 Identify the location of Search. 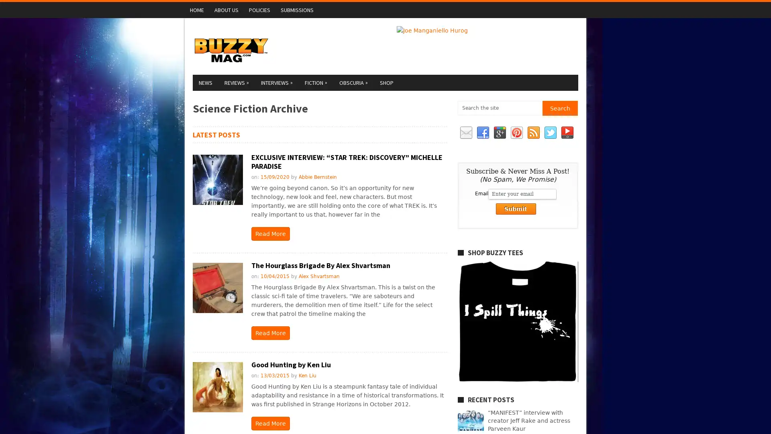
(559, 108).